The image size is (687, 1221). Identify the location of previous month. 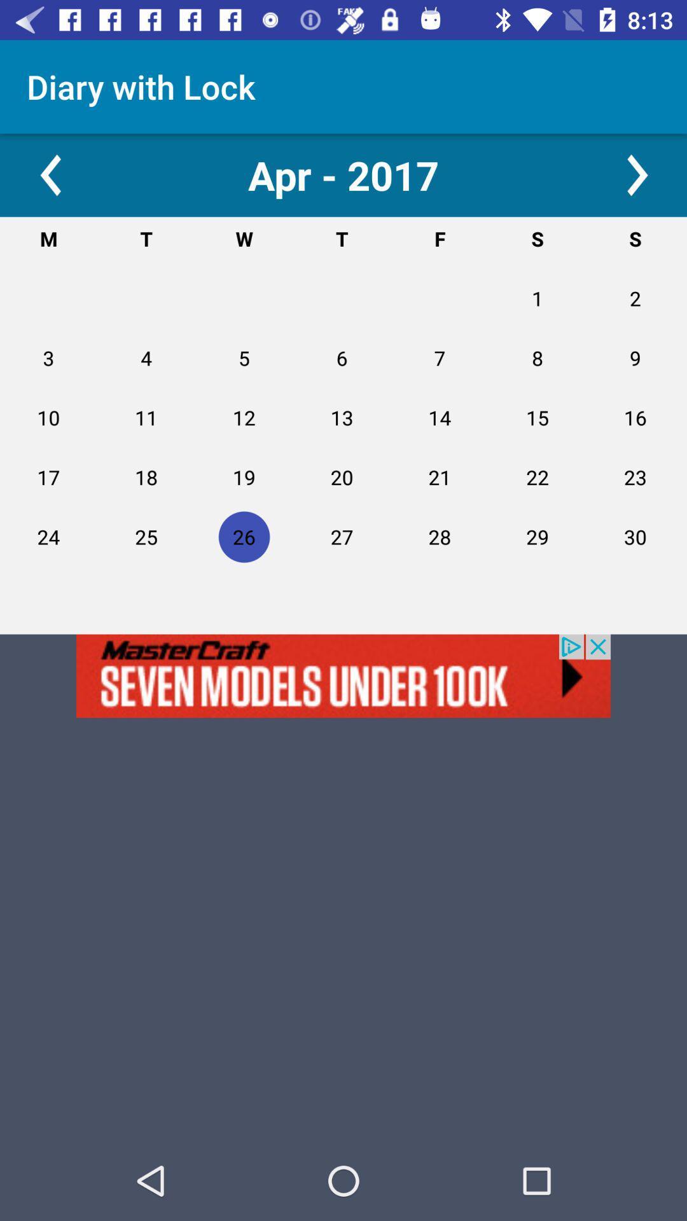
(49, 174).